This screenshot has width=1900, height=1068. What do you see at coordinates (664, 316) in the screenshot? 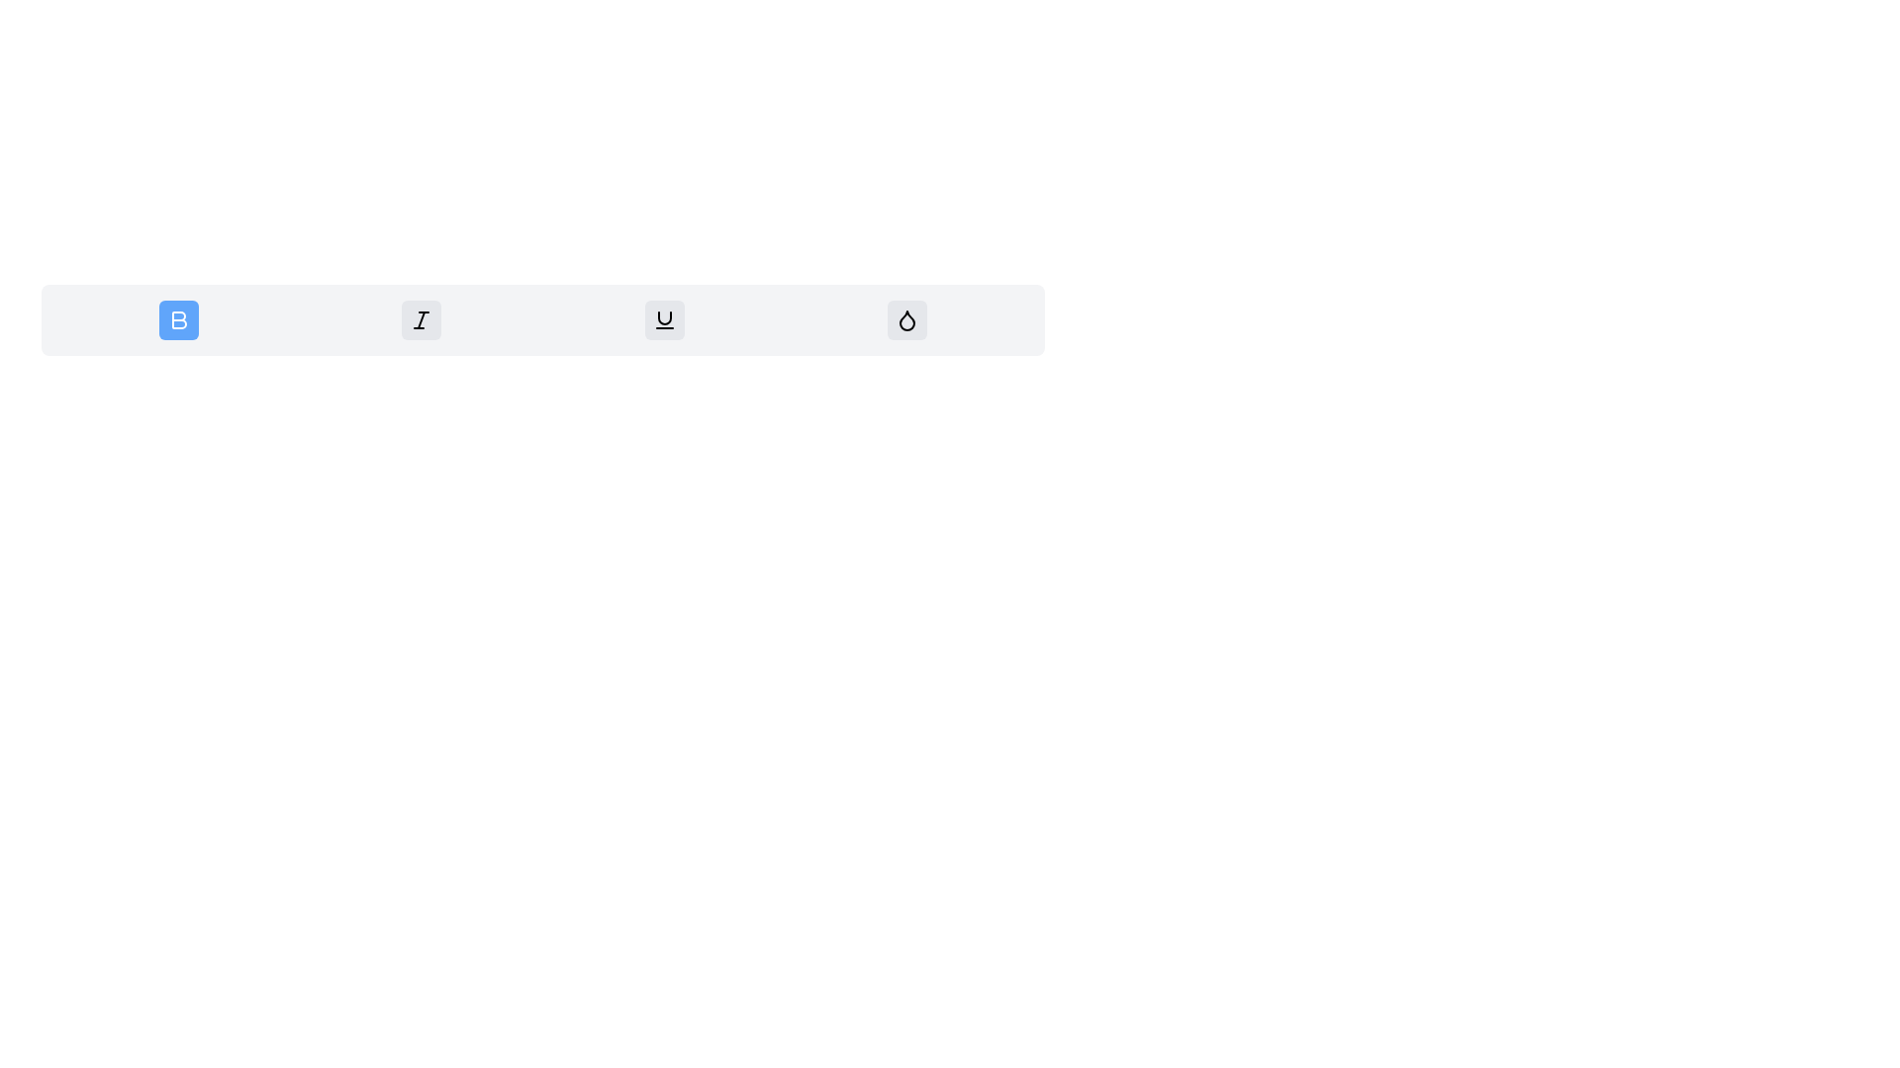
I see `the vector graphic element that resembles a stylized letter 'U' located centrally within the third button of a horizontal toolbar` at bounding box center [664, 316].